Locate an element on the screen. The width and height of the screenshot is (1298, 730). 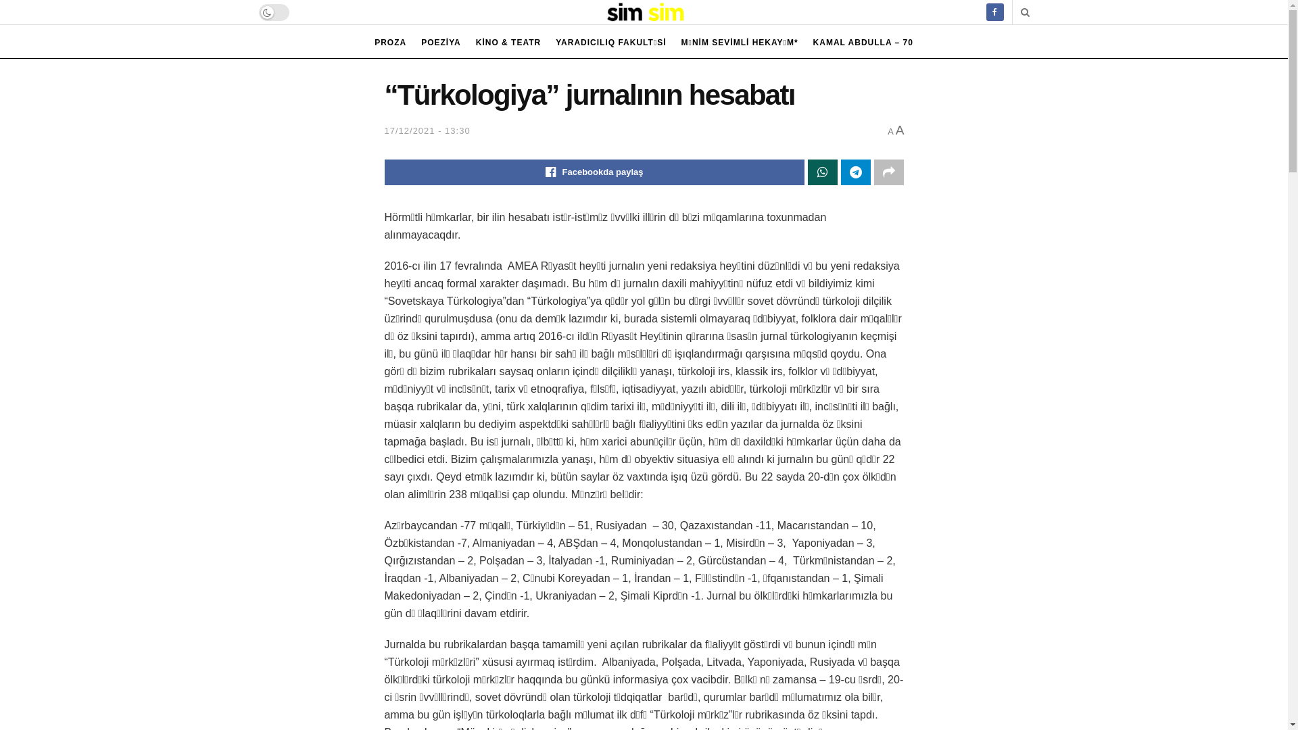
'KINO & TEATR' is located at coordinates (476, 41).